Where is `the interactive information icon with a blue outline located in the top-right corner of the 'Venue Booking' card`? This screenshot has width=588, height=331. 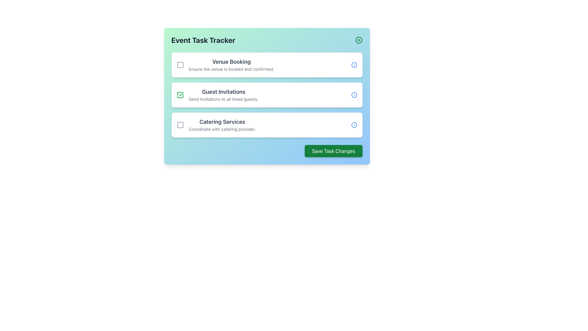 the interactive information icon with a blue outline located in the top-right corner of the 'Venue Booking' card is located at coordinates (354, 65).